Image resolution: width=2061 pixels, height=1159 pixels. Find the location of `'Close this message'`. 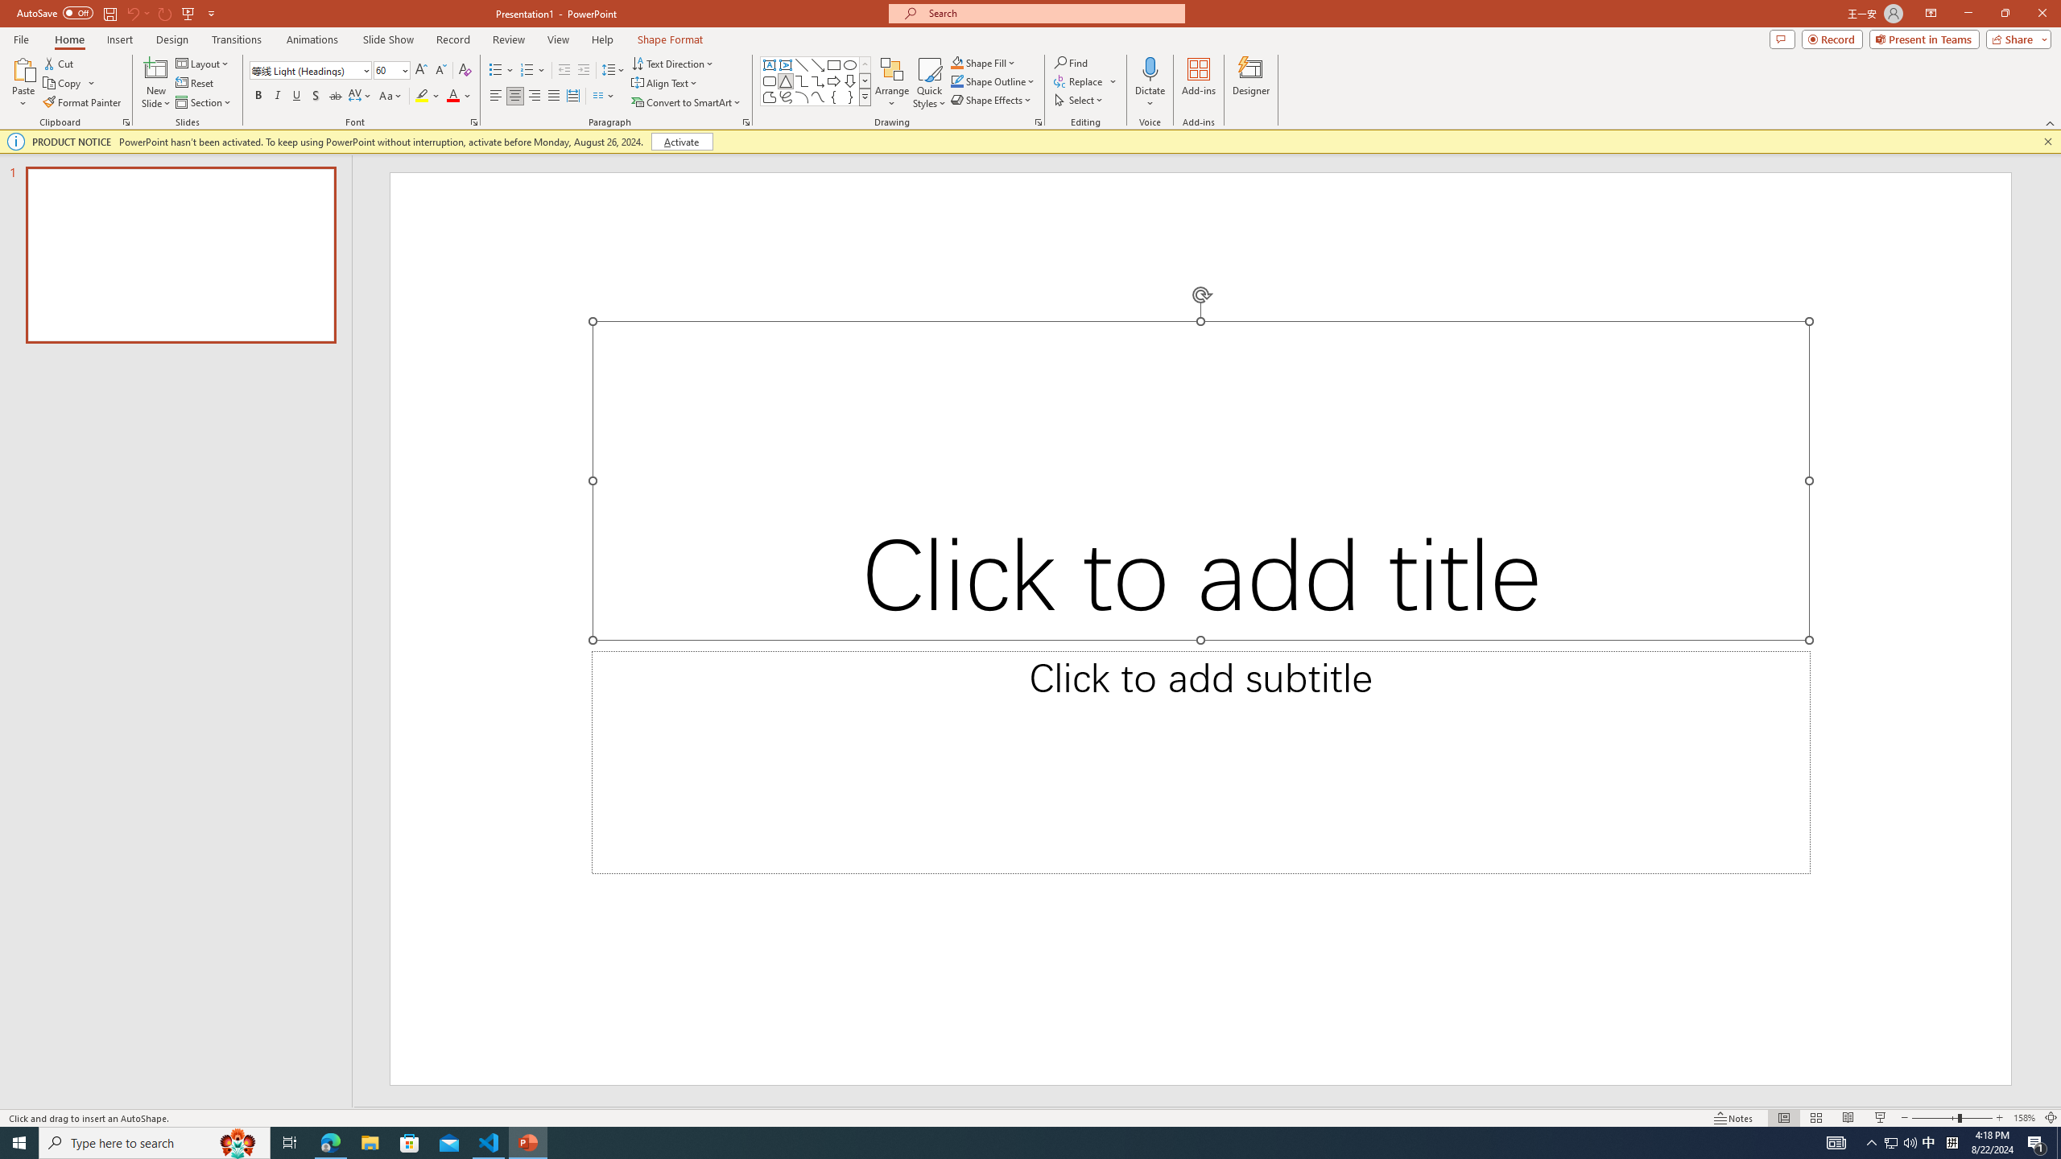

'Close this message' is located at coordinates (2047, 141).